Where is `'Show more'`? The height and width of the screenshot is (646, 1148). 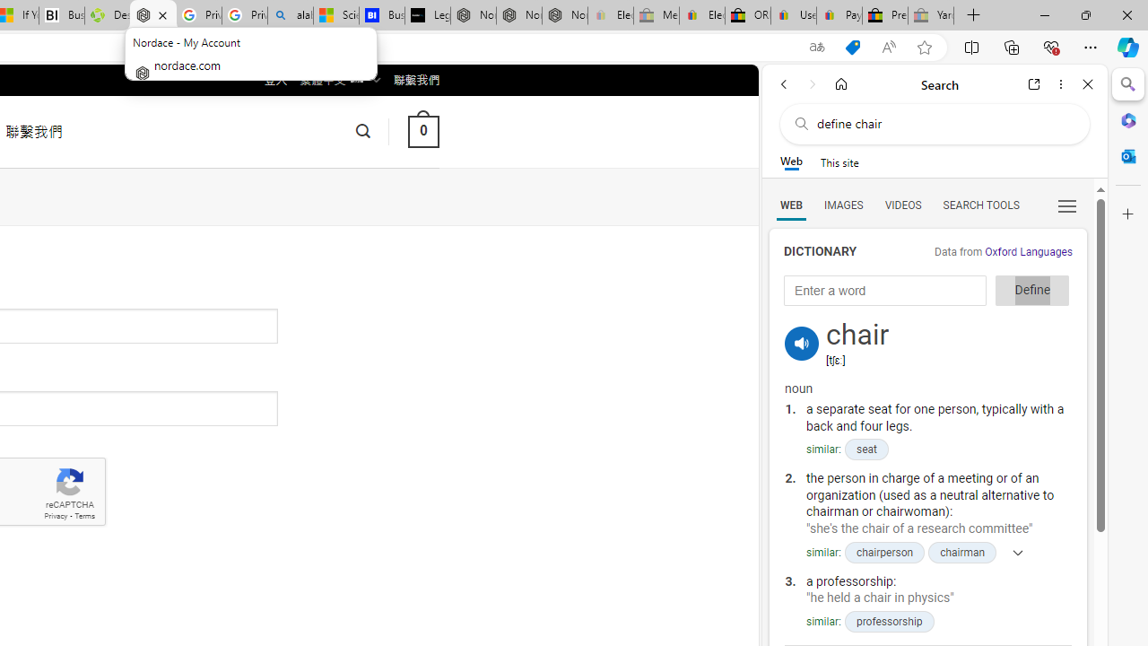 'Show more' is located at coordinates (1013, 551).